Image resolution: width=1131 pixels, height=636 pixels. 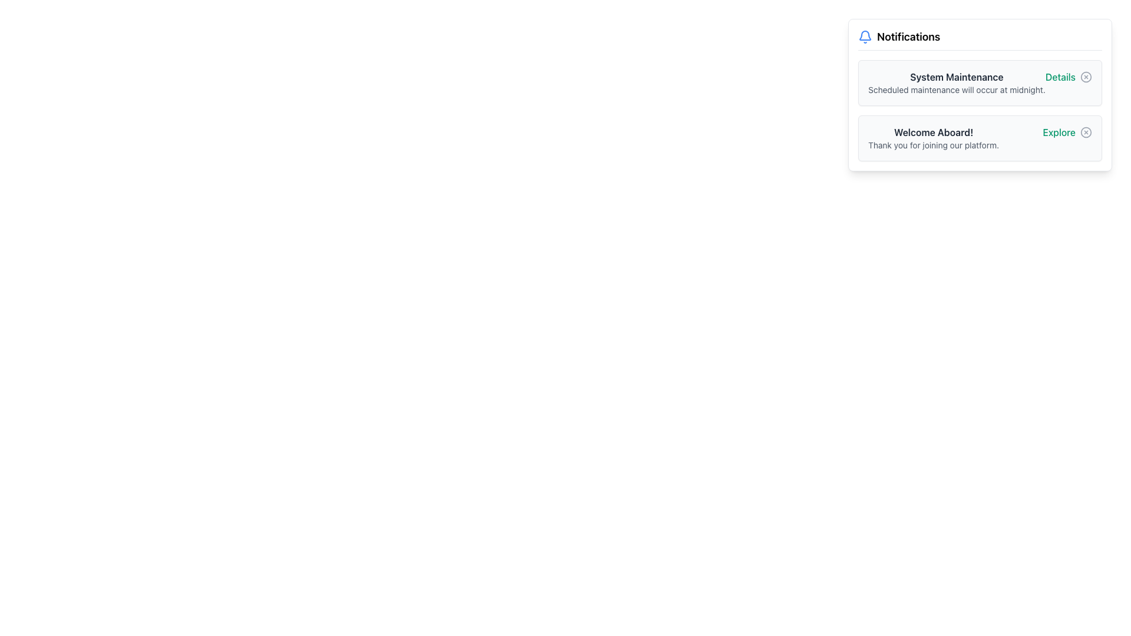 I want to click on text label that serves as the title of the notification card, located at the top of the notification section on the right side of the interface, so click(x=957, y=77).